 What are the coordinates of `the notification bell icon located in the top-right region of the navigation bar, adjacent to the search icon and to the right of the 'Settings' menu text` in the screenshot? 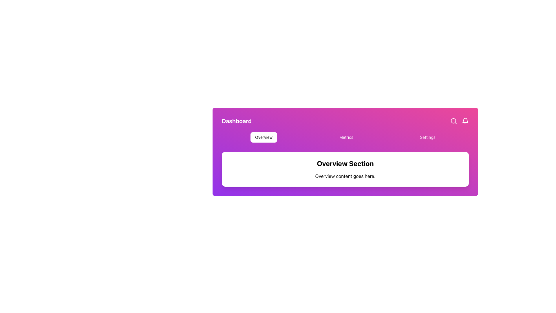 It's located at (465, 120).